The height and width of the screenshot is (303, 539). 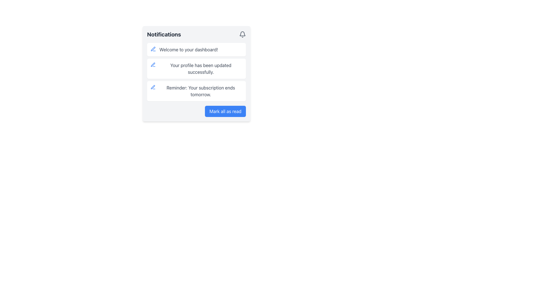 I want to click on notification text from the second notification entry in the notification panel, which states 'Your profile has been updated successfully.', so click(x=197, y=73).